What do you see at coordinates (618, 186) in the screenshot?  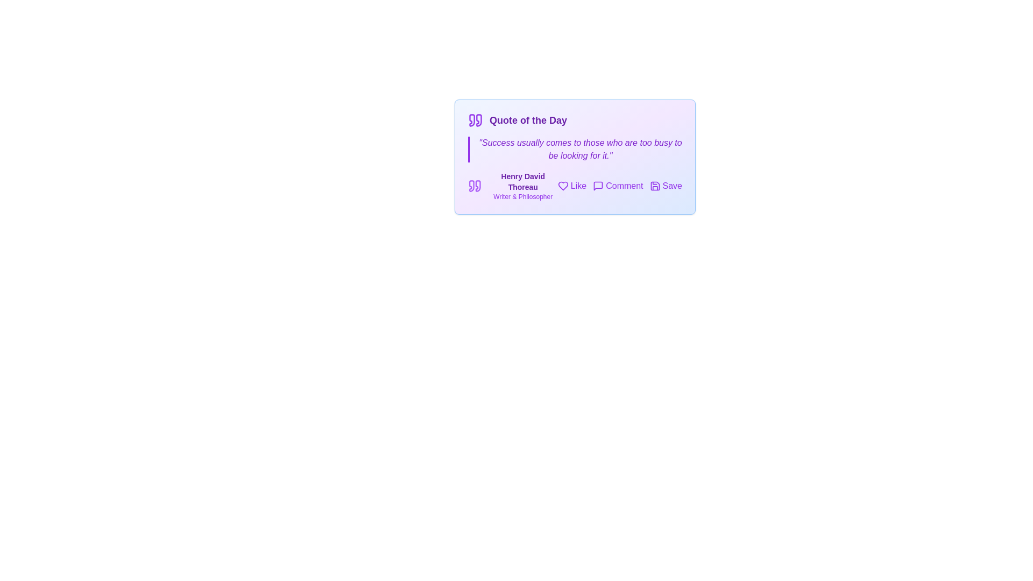 I see `the 'Comment' button located between the 'Like' and 'Save' buttons to observe visual styling changes` at bounding box center [618, 186].